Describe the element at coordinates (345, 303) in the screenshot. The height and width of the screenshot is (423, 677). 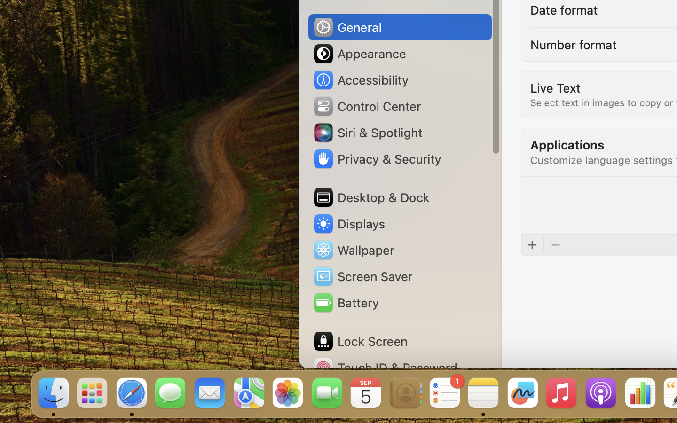
I see `'Battery'` at that location.